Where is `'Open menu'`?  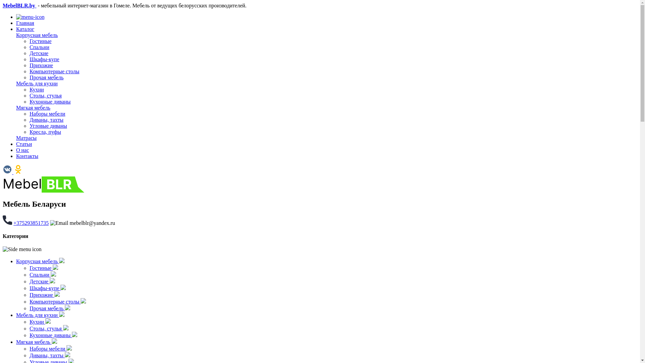
'Open menu' is located at coordinates (30, 16).